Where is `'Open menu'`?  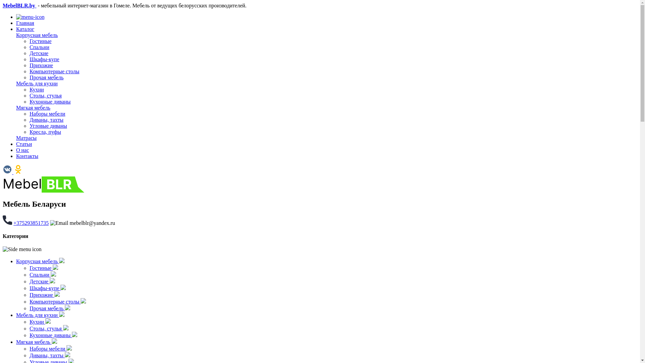
'Open menu' is located at coordinates (30, 16).